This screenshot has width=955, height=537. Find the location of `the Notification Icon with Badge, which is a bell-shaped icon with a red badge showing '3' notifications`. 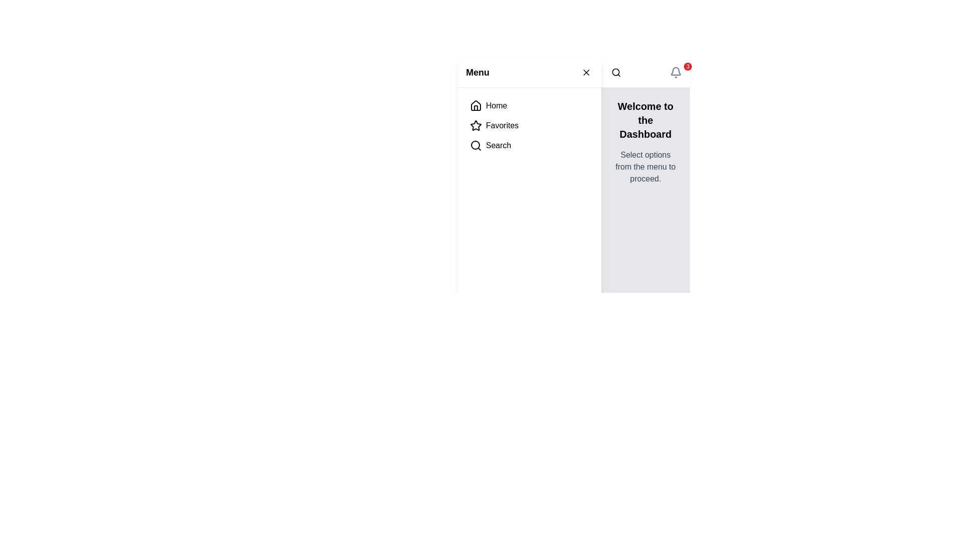

the Notification Icon with Badge, which is a bell-shaped icon with a red badge showing '3' notifications is located at coordinates (675, 72).